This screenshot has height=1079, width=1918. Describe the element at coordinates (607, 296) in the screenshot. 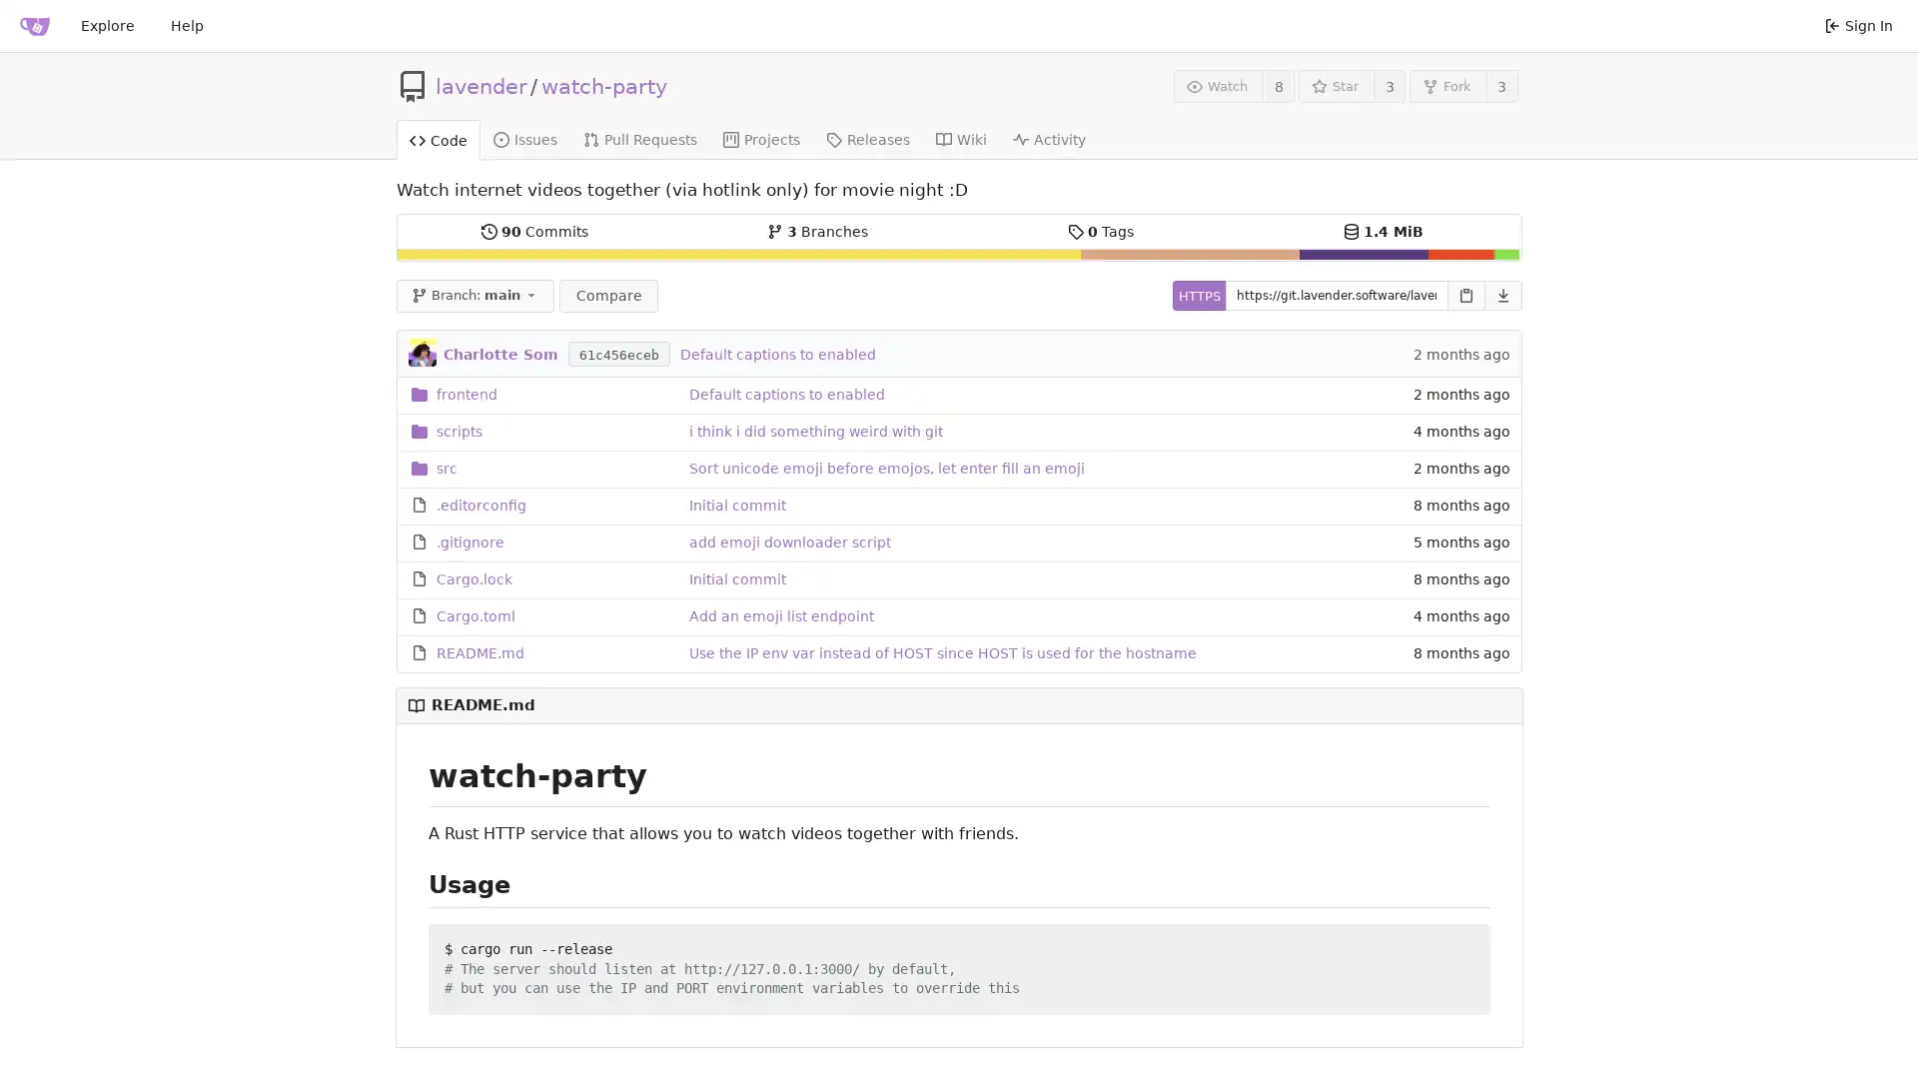

I see `Compare` at that location.